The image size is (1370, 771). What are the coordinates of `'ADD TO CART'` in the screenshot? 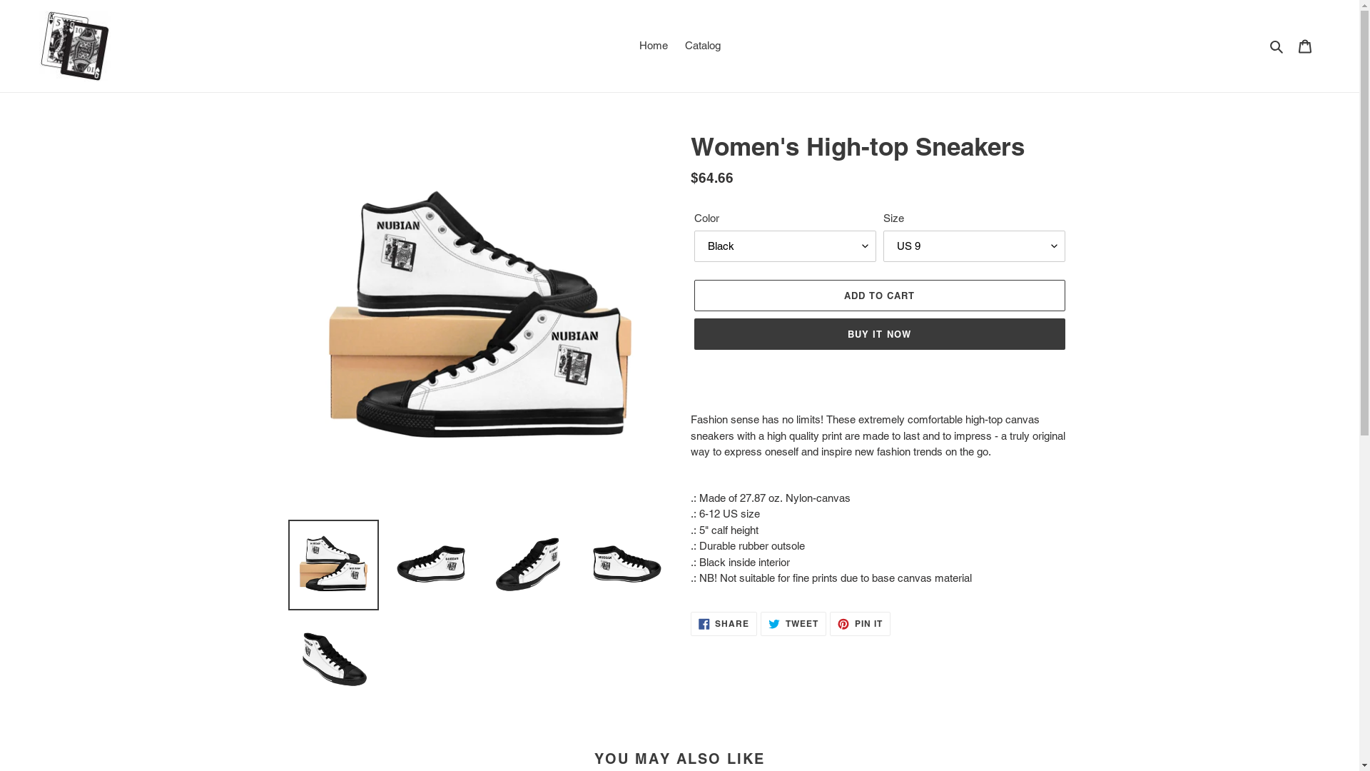 It's located at (878, 294).